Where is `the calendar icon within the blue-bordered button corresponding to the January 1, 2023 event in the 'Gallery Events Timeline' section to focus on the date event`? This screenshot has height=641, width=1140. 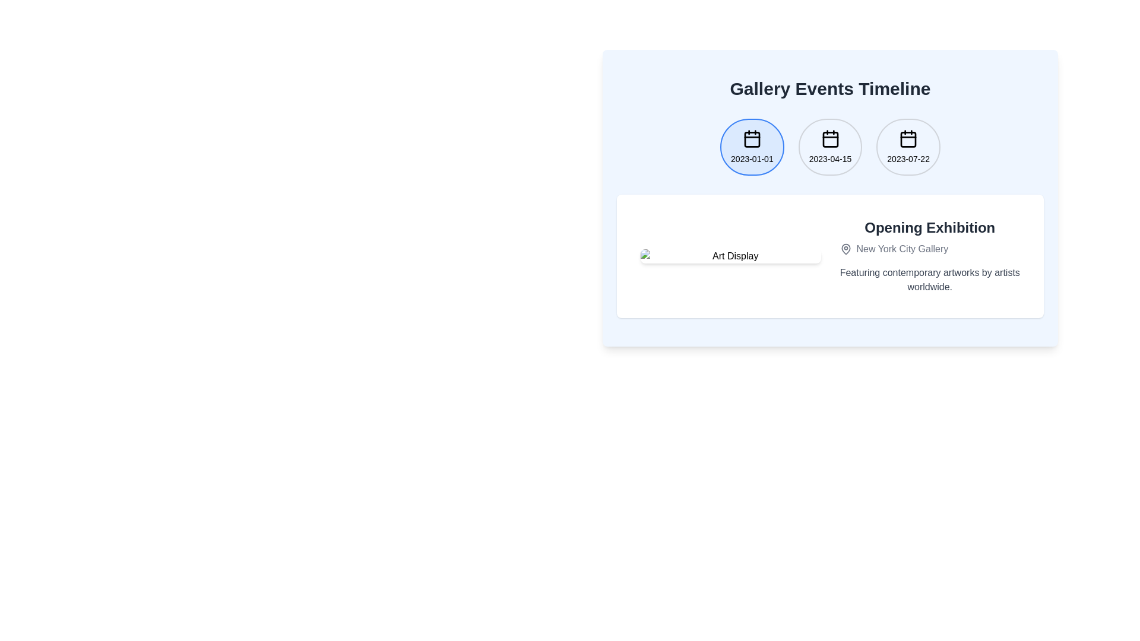
the calendar icon within the blue-bordered button corresponding to the January 1, 2023 event in the 'Gallery Events Timeline' section to focus on the date event is located at coordinates (751, 138).